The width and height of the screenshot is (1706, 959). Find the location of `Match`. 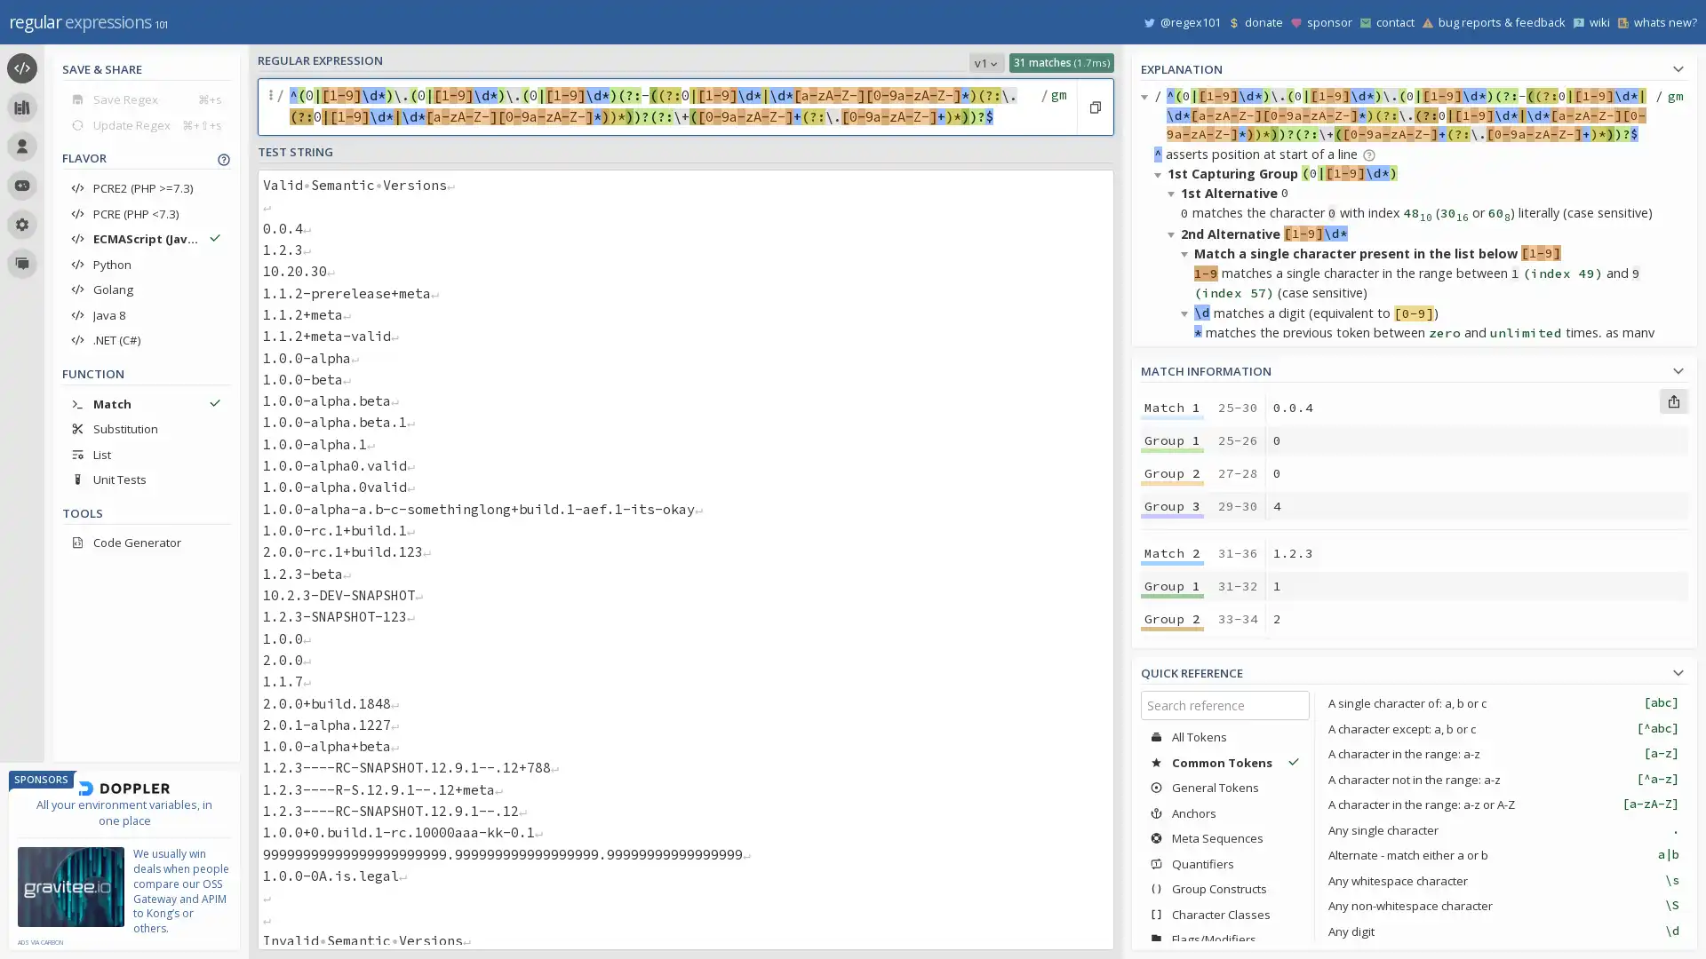

Match is located at coordinates (146, 403).